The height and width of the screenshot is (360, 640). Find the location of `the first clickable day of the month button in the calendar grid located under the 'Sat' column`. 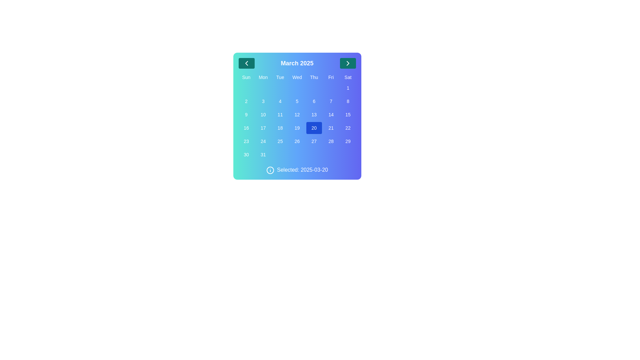

the first clickable day of the month button in the calendar grid located under the 'Sat' column is located at coordinates (348, 87).